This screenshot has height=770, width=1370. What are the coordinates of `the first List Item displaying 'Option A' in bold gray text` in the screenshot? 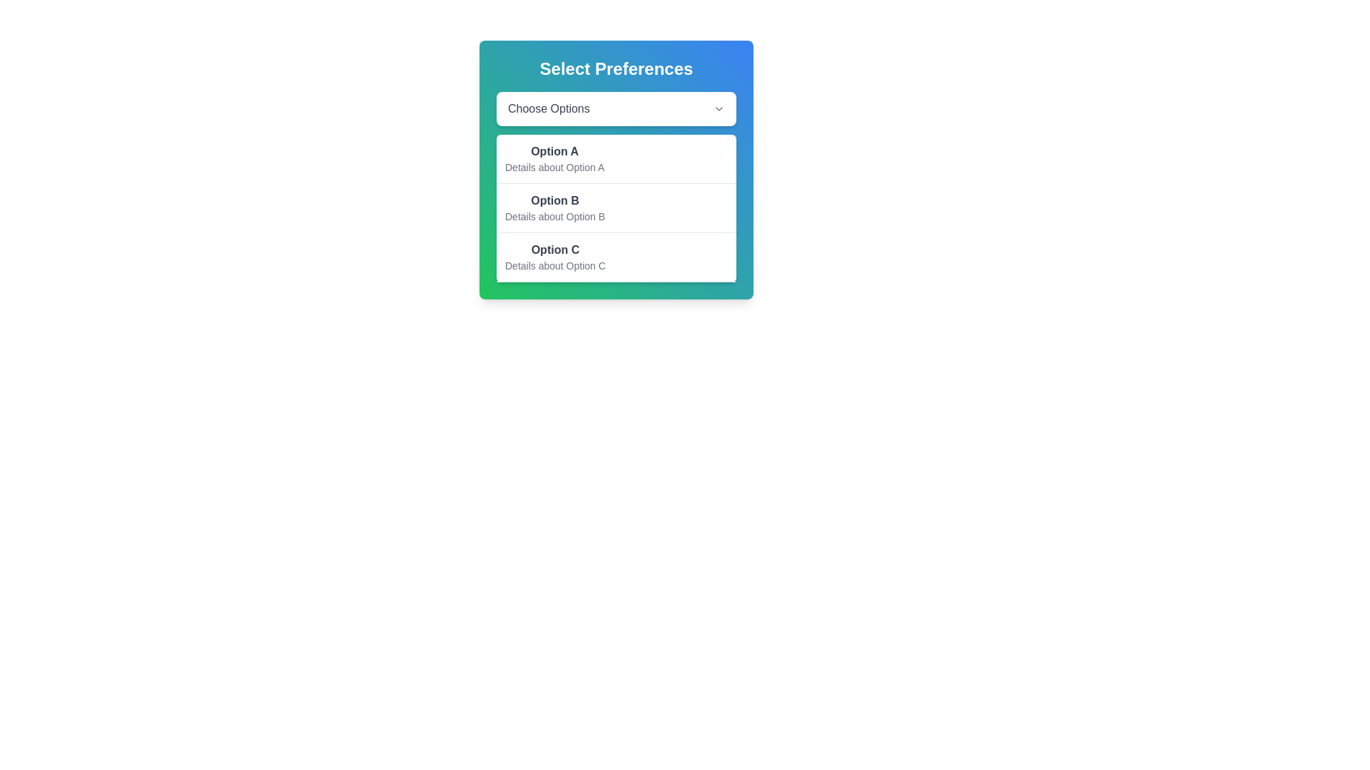 It's located at (554, 159).